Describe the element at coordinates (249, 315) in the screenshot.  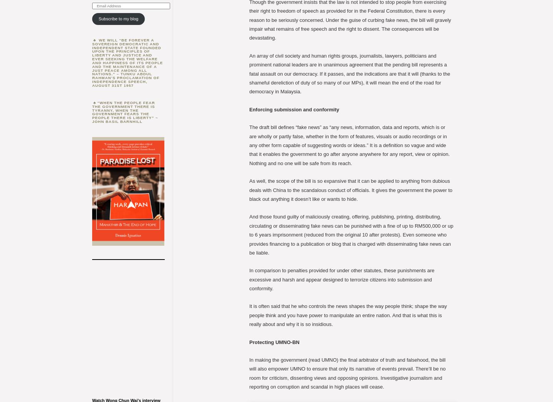
I see `'It is often said that he who controls the news shapes the way people think; shape the way people think and you have power to manipulate an entire nation. And that is what this is really about and why it is so insidious.'` at that location.